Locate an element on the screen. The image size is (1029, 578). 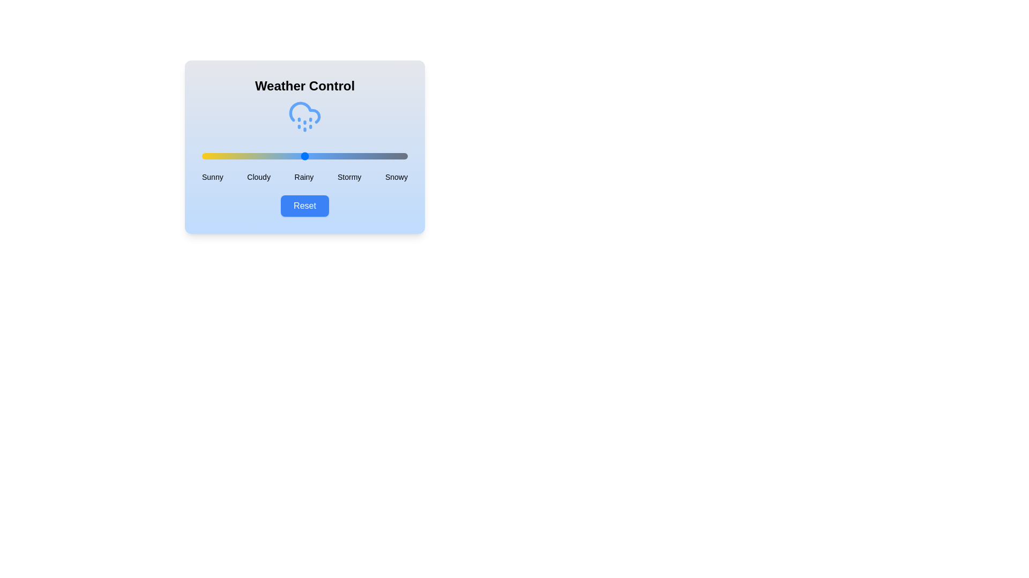
the weather condition label Stormy to select it is located at coordinates (349, 177).